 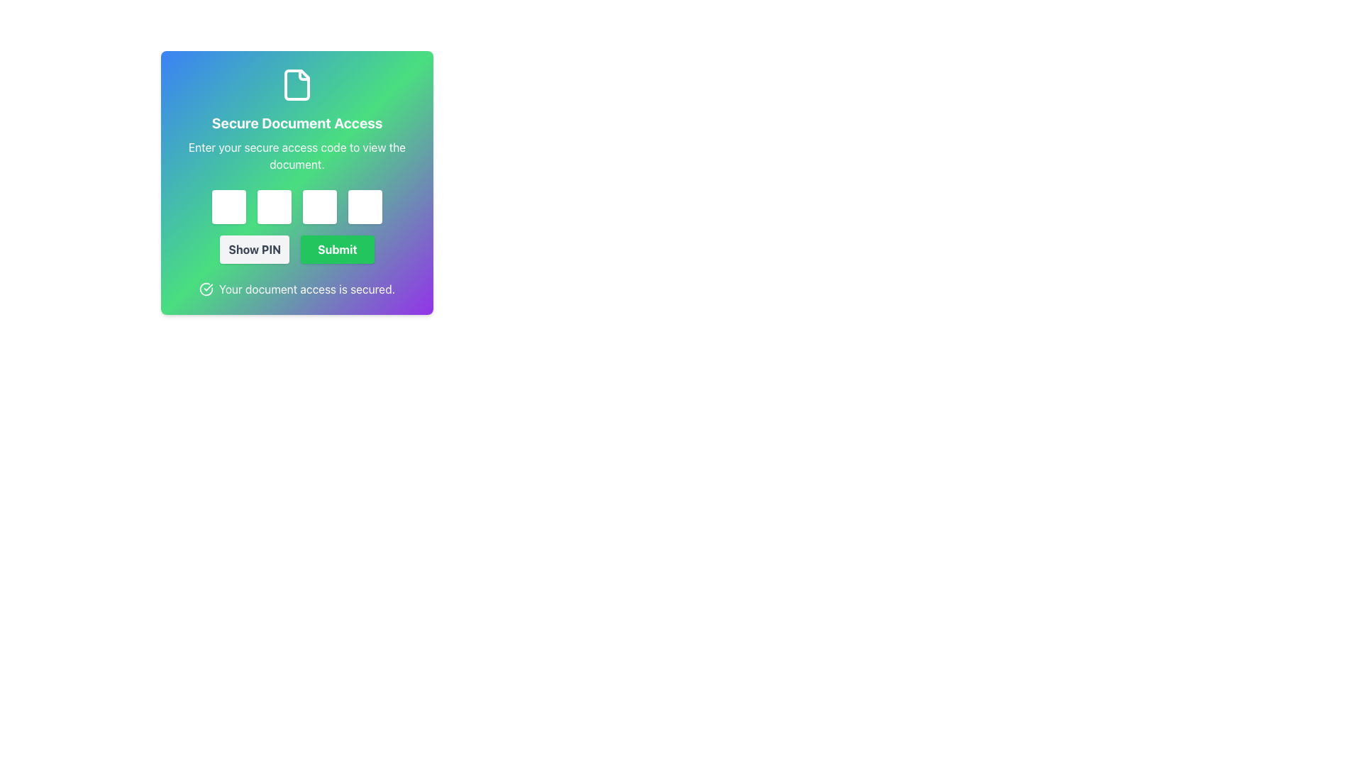 I want to click on the green 'Submit' button with white bold text, located in the lower section of the 'Secure Document Access' panel, so click(x=336, y=248).